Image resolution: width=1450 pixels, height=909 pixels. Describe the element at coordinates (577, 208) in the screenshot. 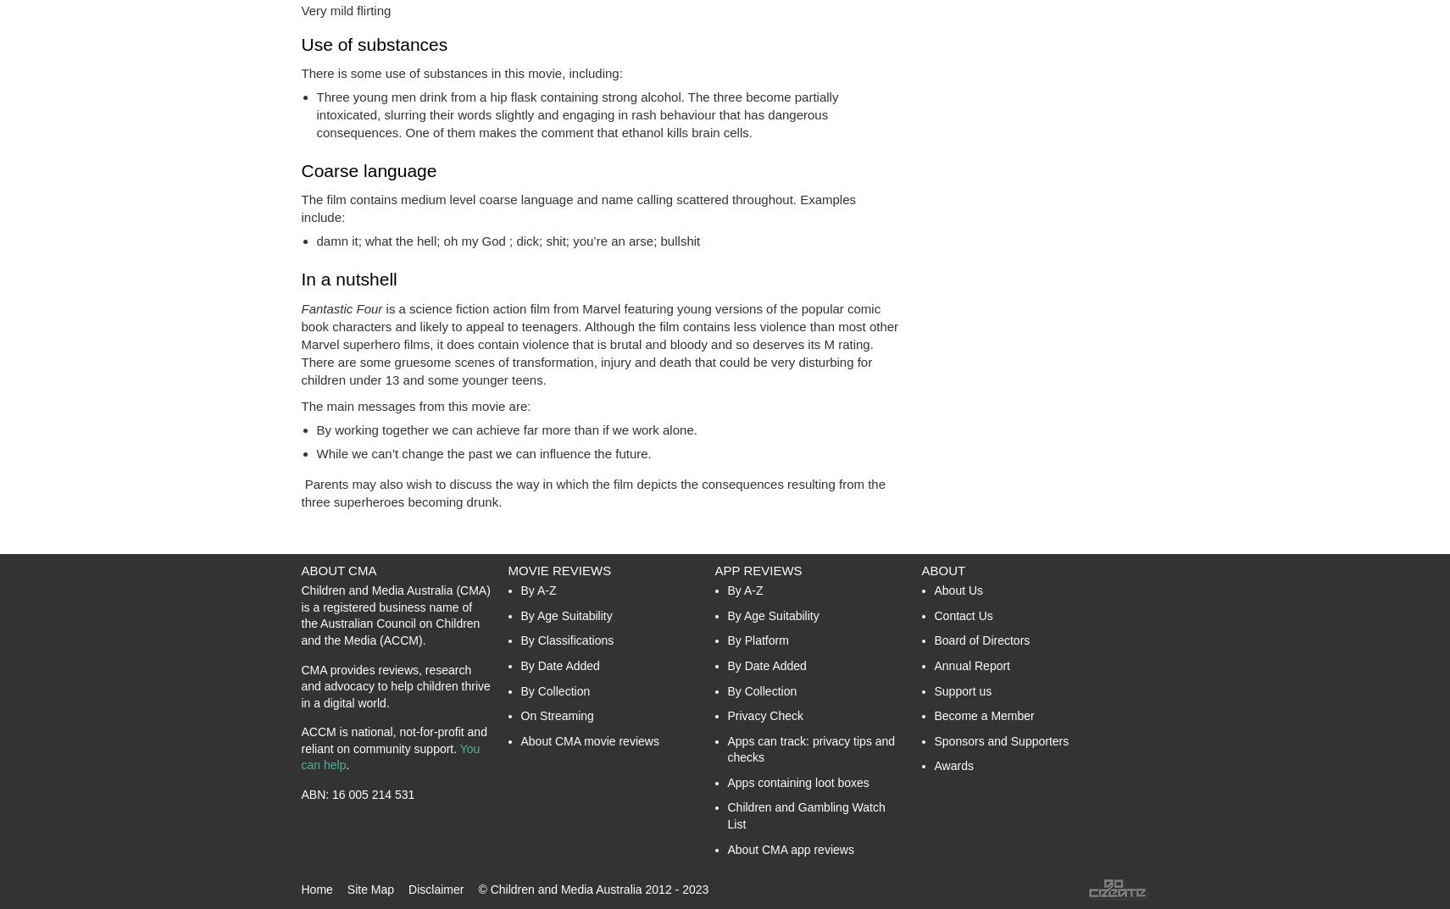

I see `'The film contains medium level coarse language and name calling scattered throughout. Examples include:'` at that location.